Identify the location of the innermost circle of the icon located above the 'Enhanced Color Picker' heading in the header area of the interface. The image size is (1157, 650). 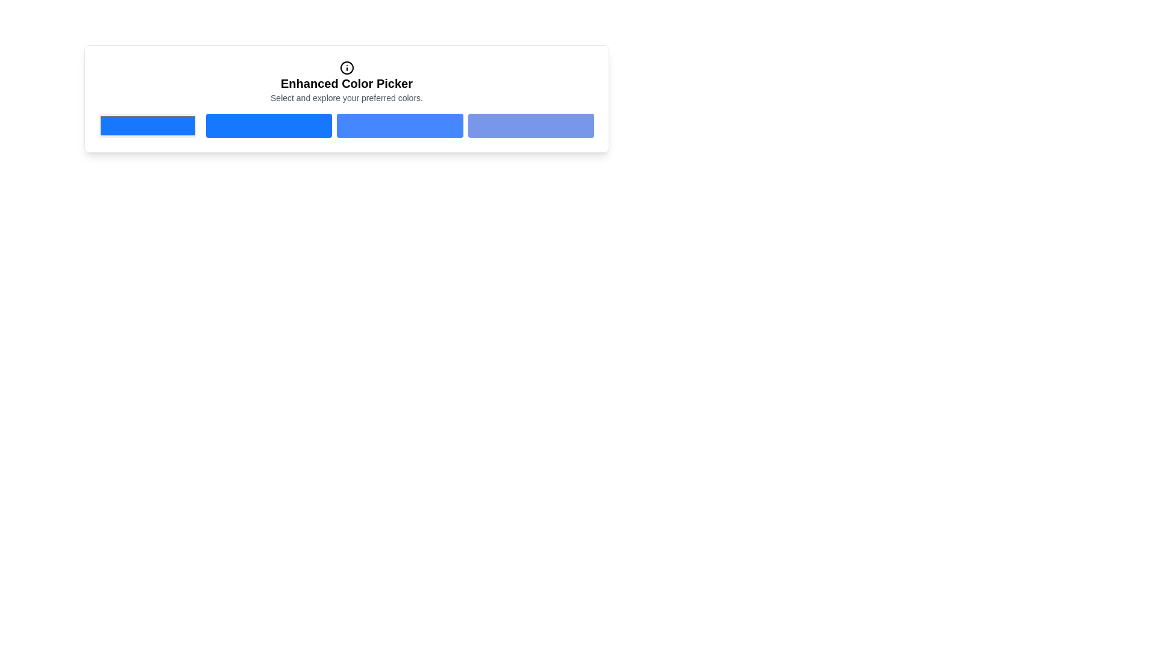
(346, 67).